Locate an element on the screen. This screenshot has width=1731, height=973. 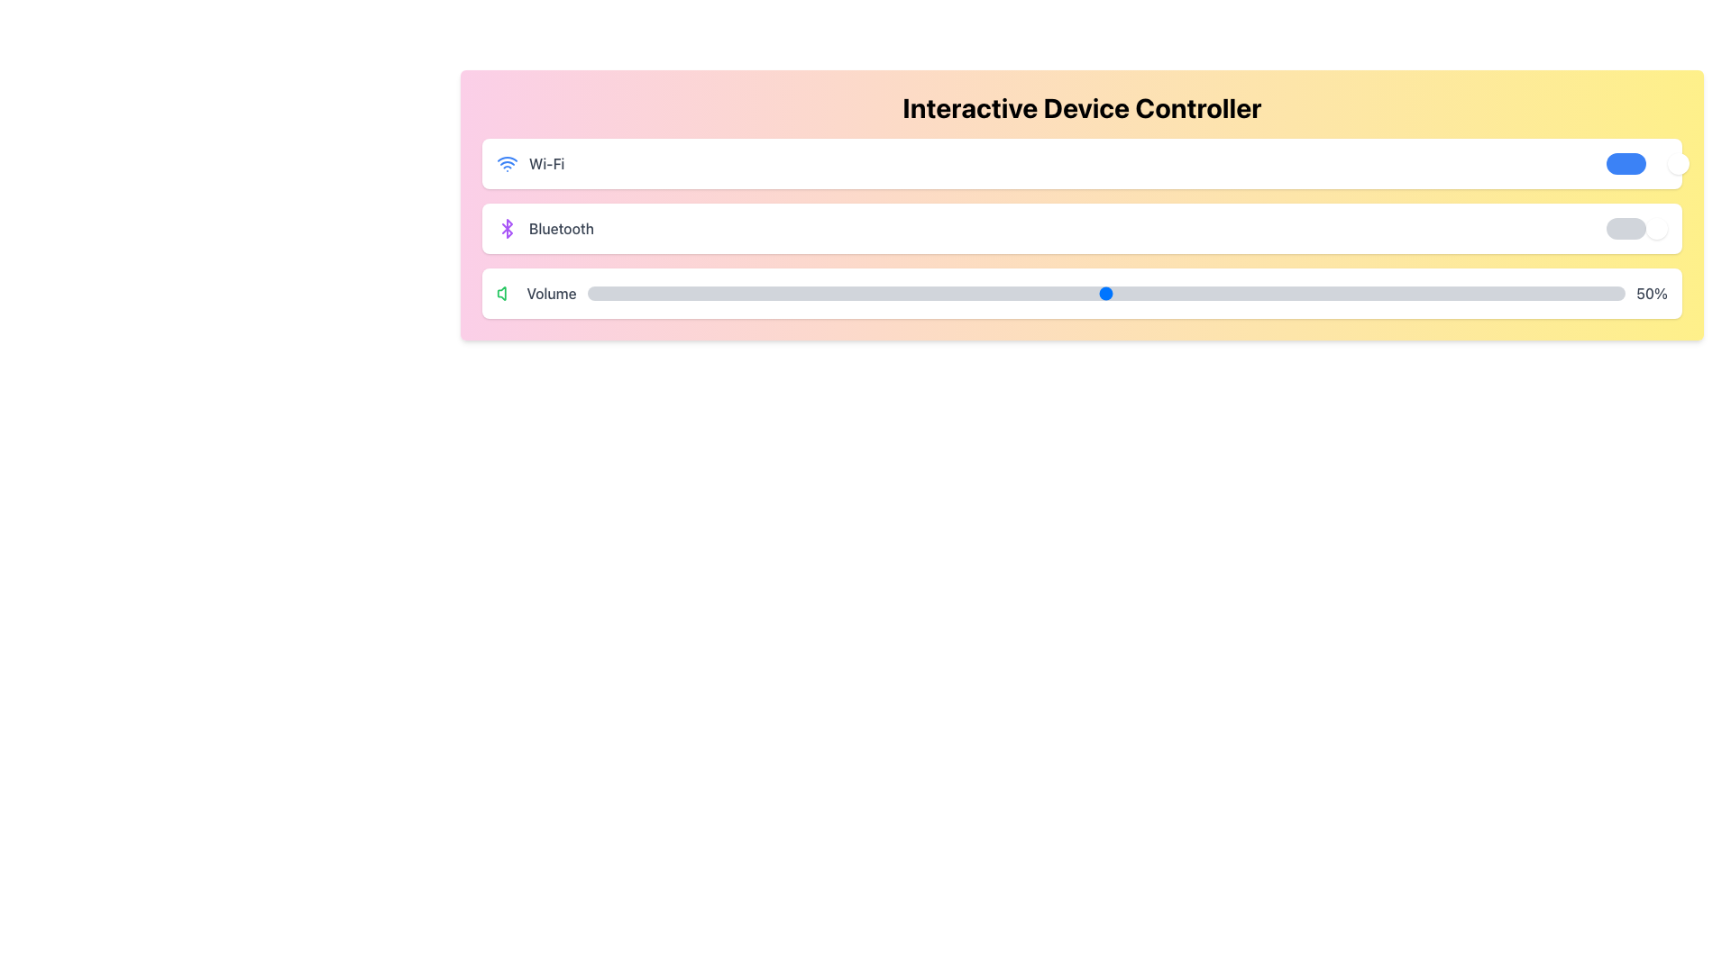
volume is located at coordinates (825, 293).